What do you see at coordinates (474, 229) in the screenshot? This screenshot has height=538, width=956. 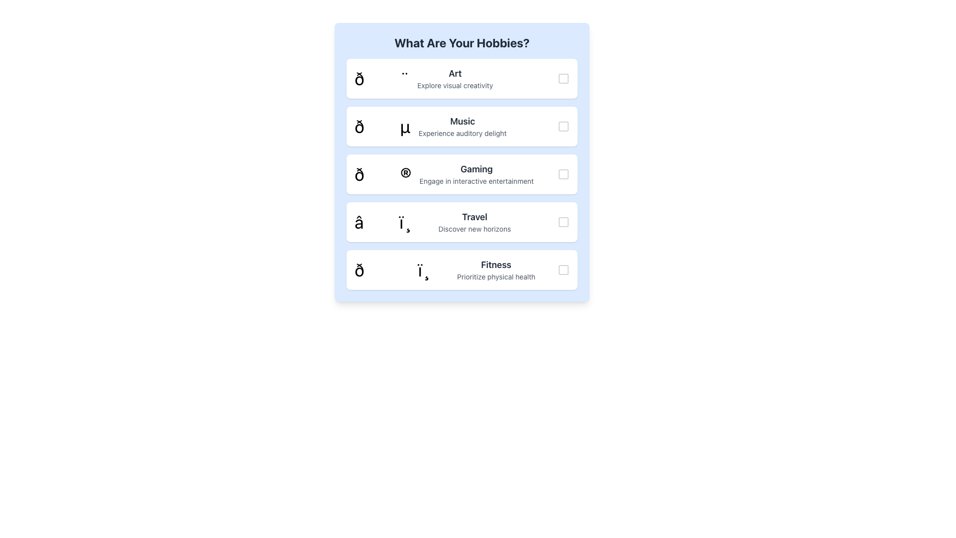 I see `the Text Label providing an inspirational snippet about the 'Travel' hobby category, located in the fourth card of the vertical list of hobbies, directly below the 'Travel' title` at bounding box center [474, 229].